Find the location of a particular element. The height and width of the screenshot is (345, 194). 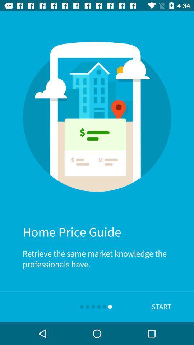

the icon below retrieve the same item is located at coordinates (161, 307).